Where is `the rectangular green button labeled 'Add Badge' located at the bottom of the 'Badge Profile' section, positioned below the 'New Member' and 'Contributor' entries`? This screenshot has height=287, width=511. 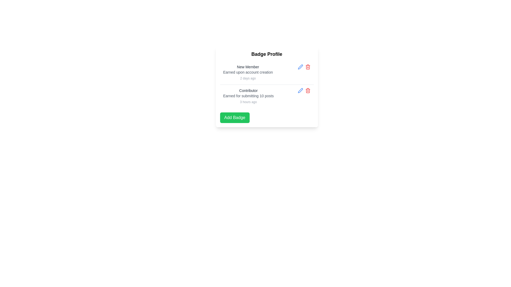
the rectangular green button labeled 'Add Badge' located at the bottom of the 'Badge Profile' section, positioned below the 'New Member' and 'Contributor' entries is located at coordinates (234, 117).